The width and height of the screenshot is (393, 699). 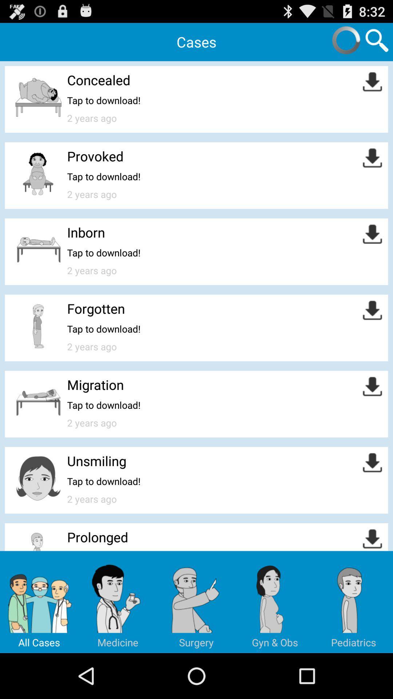 I want to click on the inborn app, so click(x=86, y=232).